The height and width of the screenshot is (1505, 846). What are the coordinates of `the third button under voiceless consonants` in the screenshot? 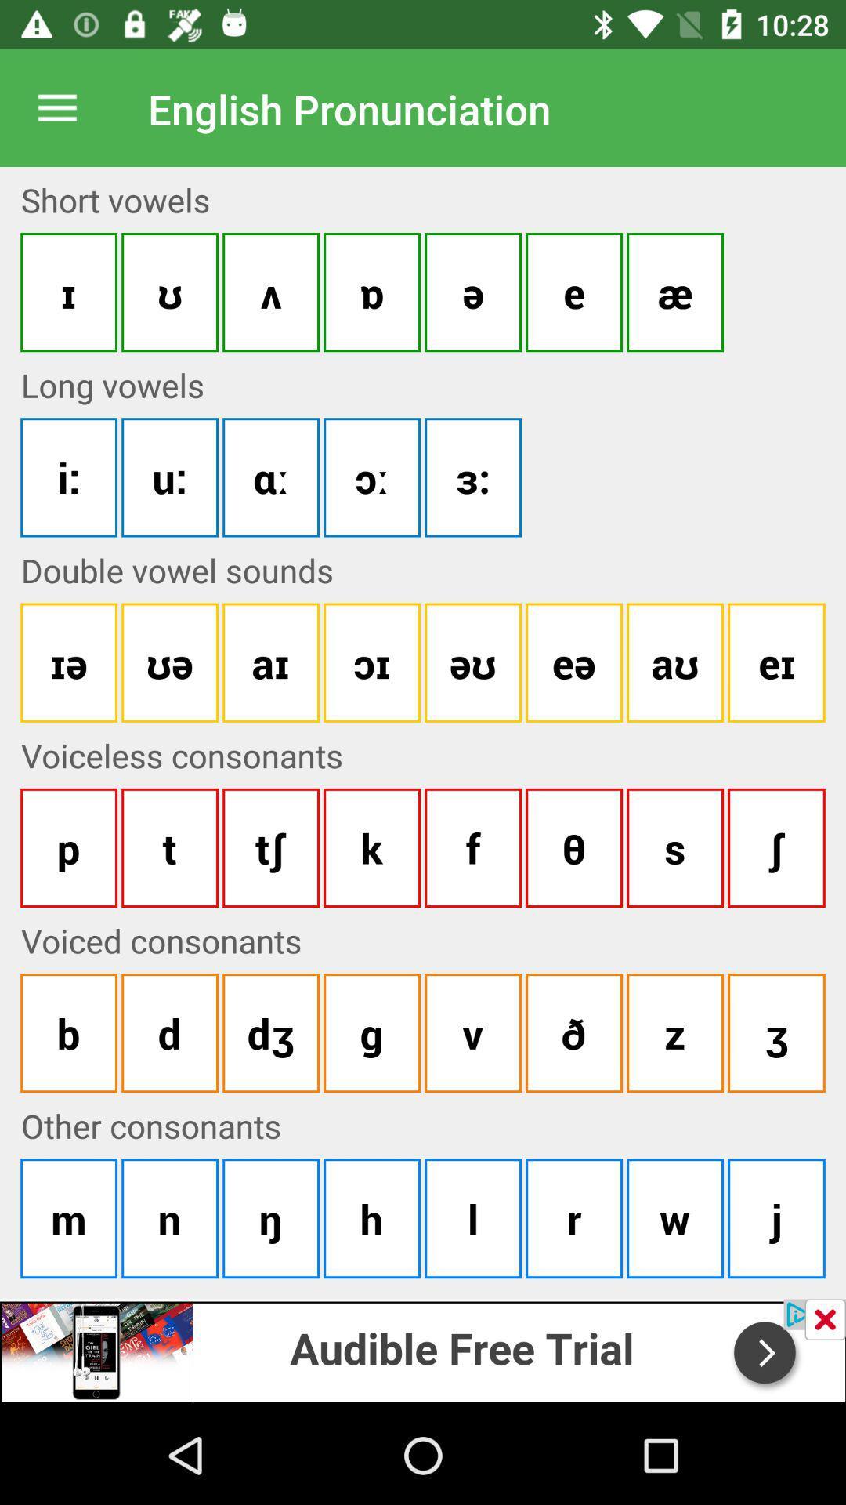 It's located at (270, 847).